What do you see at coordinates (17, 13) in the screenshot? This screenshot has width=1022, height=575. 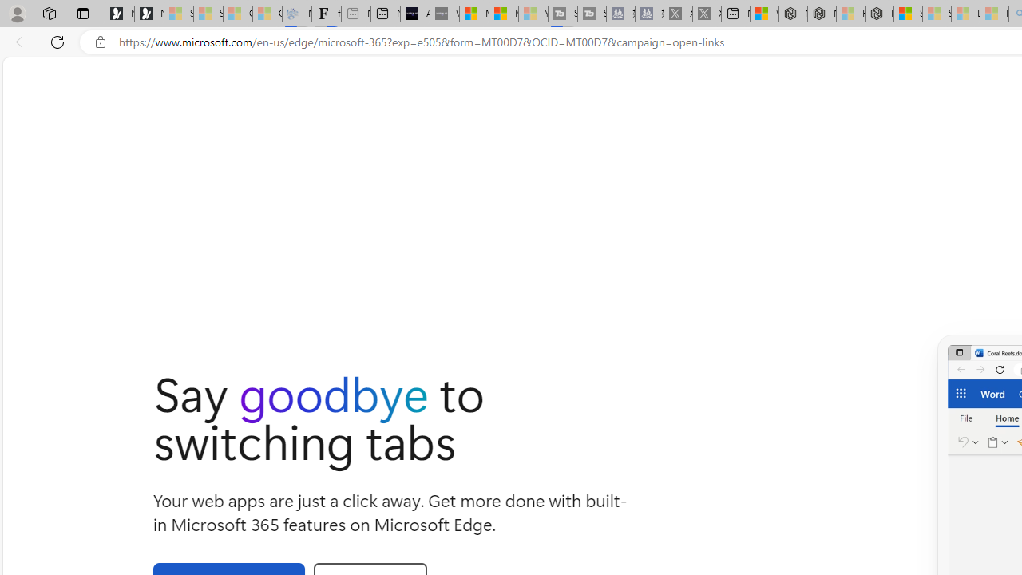 I see `'Personal Profile'` at bounding box center [17, 13].